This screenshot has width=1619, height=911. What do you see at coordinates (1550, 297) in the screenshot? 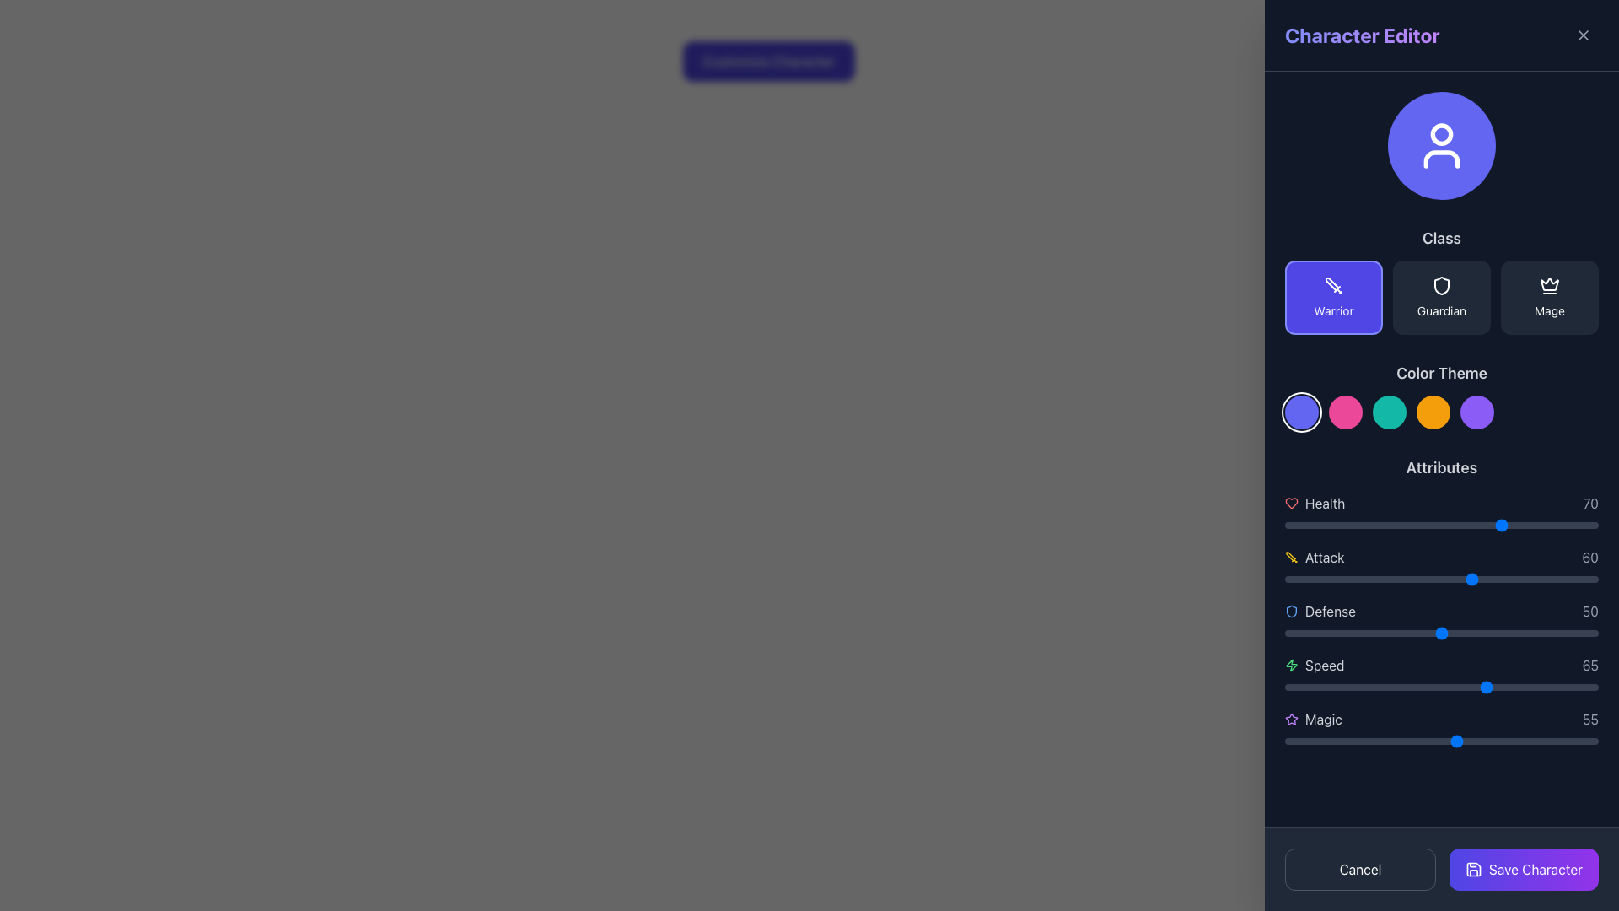
I see `the button with a dark background featuring a crown icon and the text 'Mage'` at bounding box center [1550, 297].